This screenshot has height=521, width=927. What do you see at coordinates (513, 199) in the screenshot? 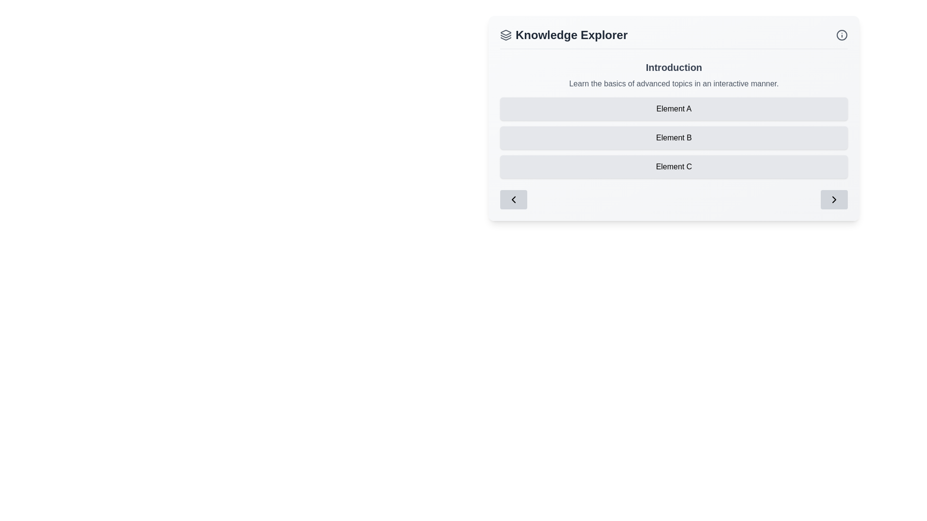
I see `the small left-pointing chevron icon with a thin black stroke located inside a rounded rectangular button at the bottom-left corner of the 'Knowledge Explorer' panel` at bounding box center [513, 199].